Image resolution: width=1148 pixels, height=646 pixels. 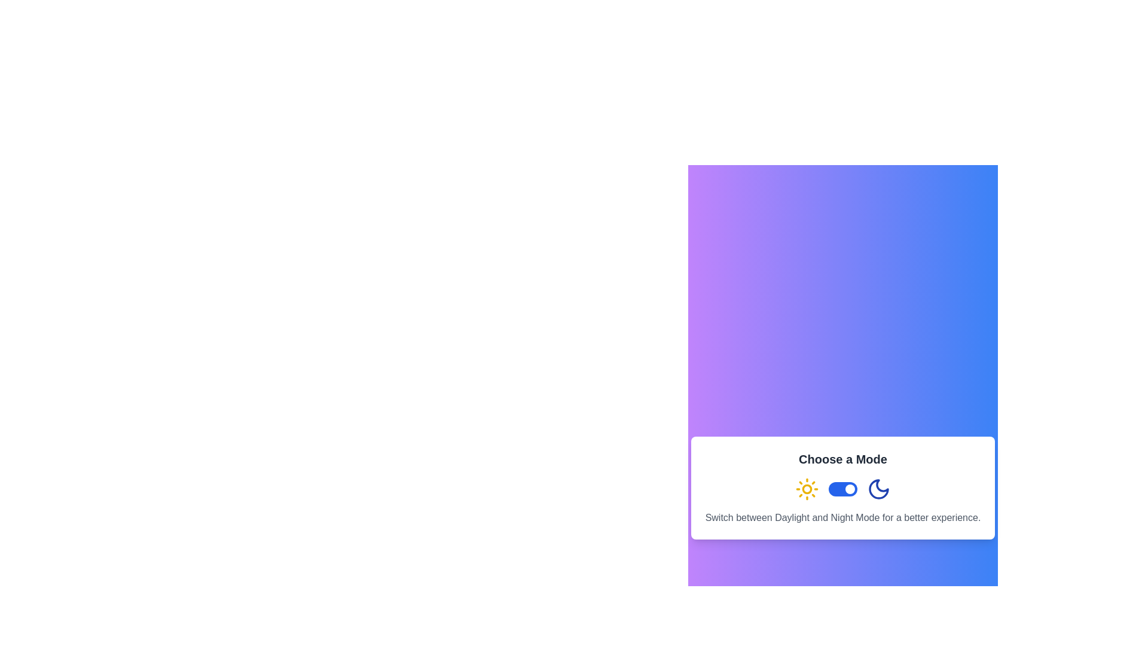 What do you see at coordinates (842, 517) in the screenshot?
I see `text element displaying 'Switch between Daylight and Night Mode for a better experience.' which is styled in gray font and located below the toggle switch` at bounding box center [842, 517].